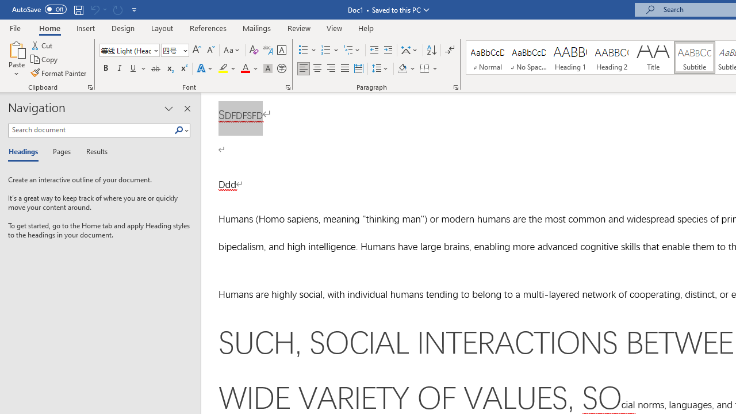  I want to click on 'Decrease Indent', so click(374, 49).